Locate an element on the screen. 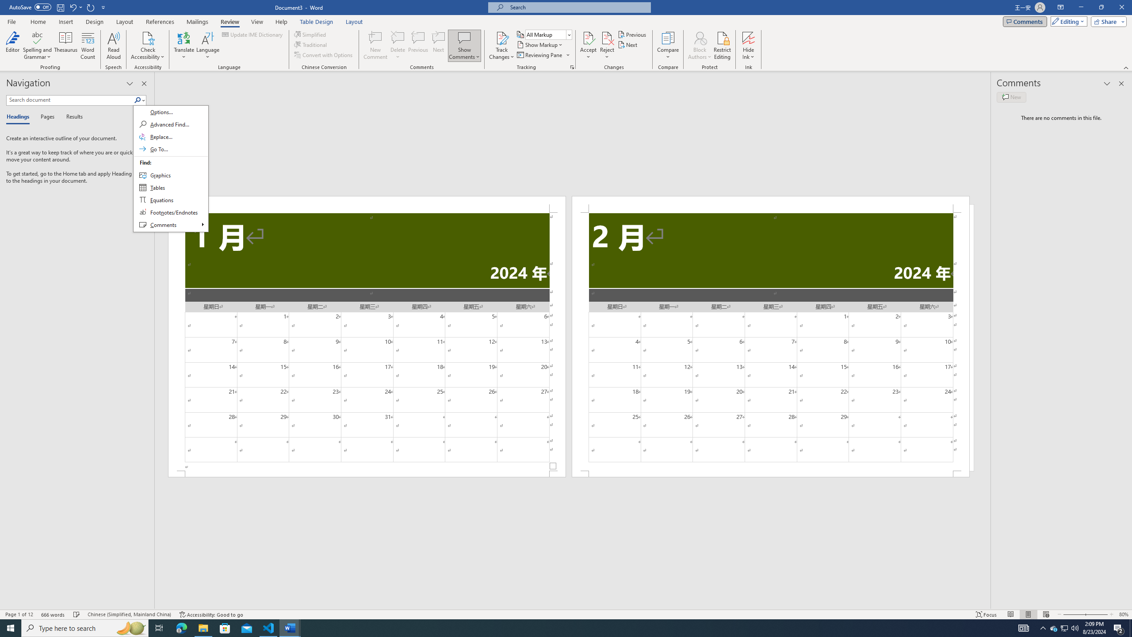 The image size is (1132, 637). 'Convert with Options...' is located at coordinates (324, 54).